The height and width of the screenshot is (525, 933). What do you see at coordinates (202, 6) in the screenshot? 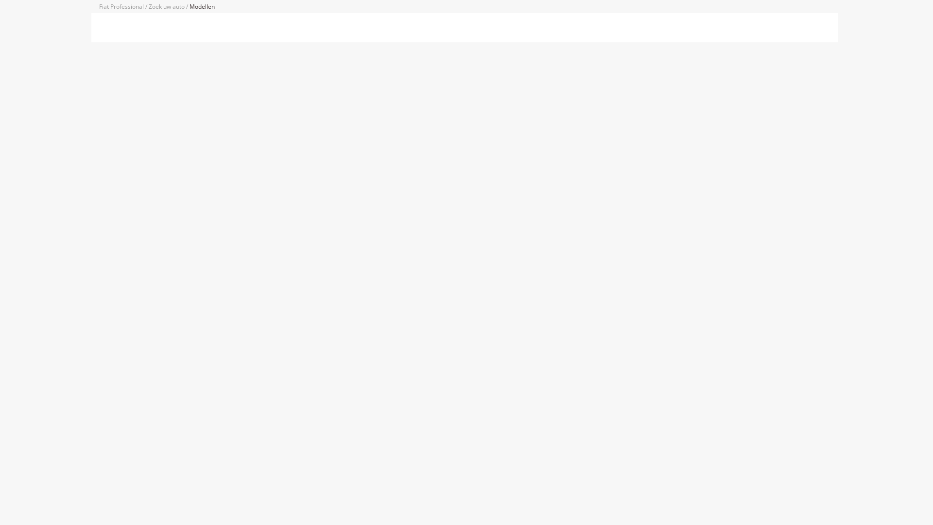
I see `'Modellen'` at bounding box center [202, 6].